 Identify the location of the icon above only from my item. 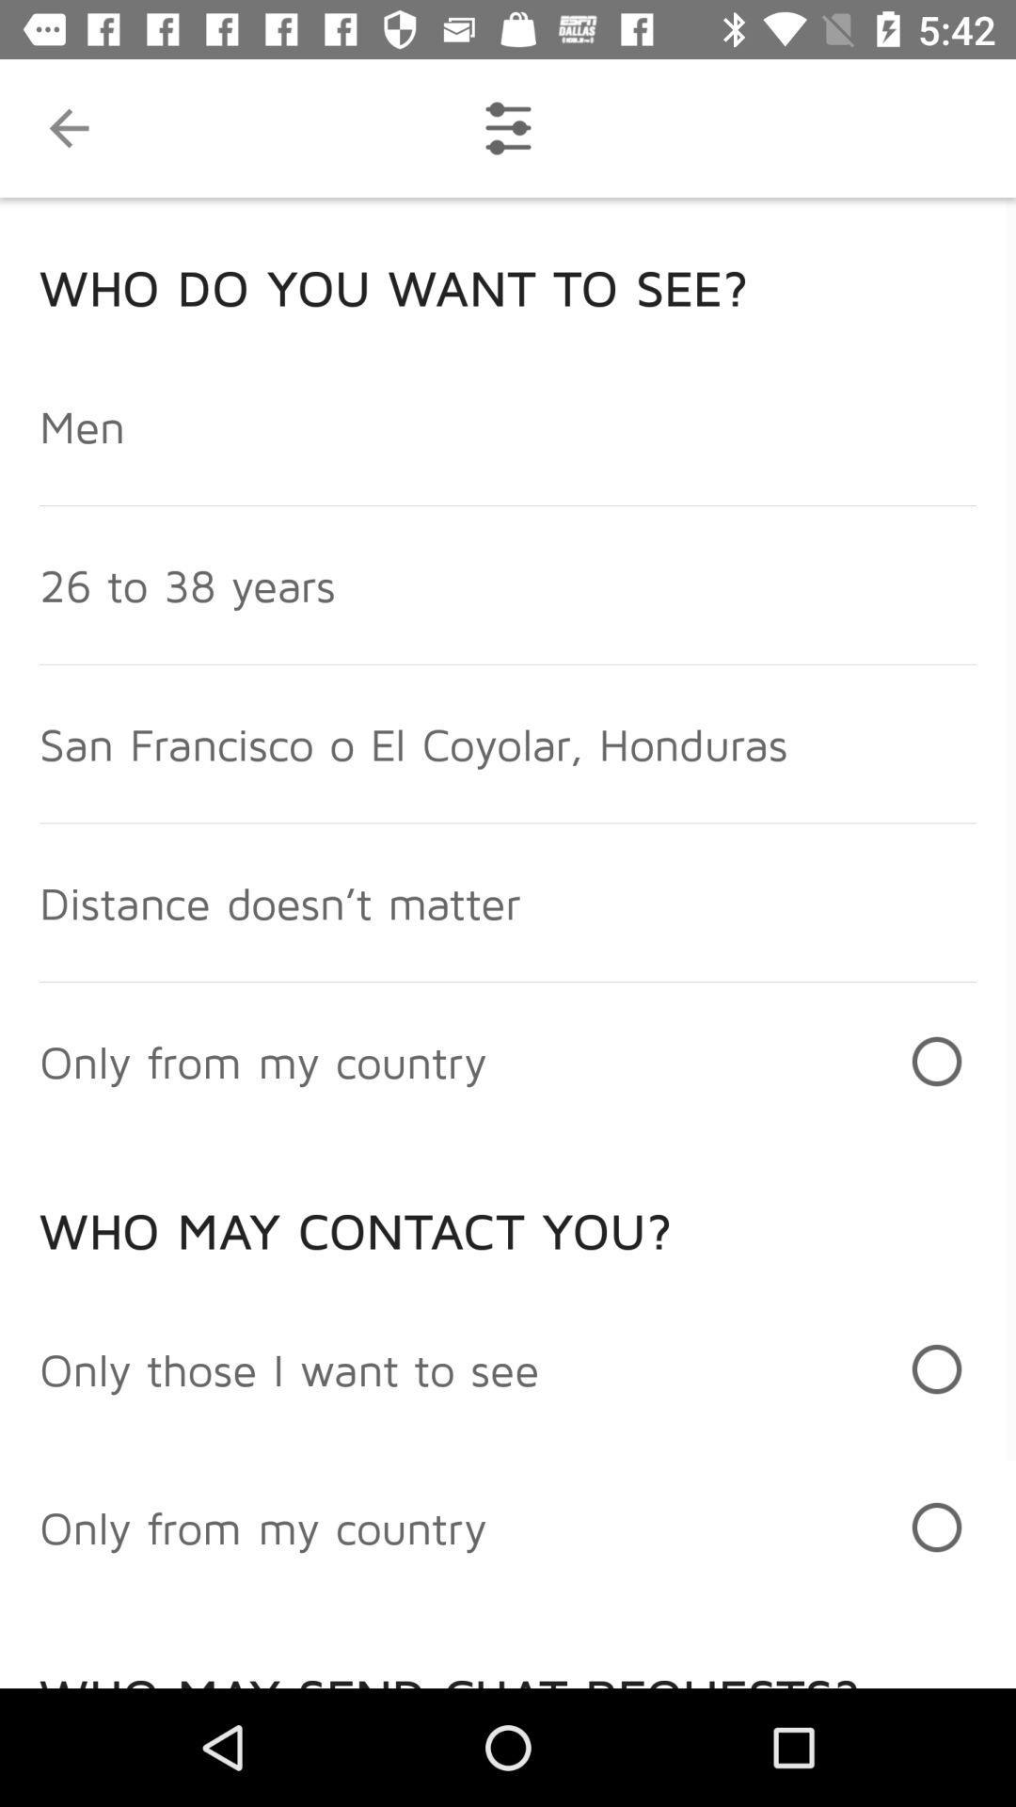
(289, 1368).